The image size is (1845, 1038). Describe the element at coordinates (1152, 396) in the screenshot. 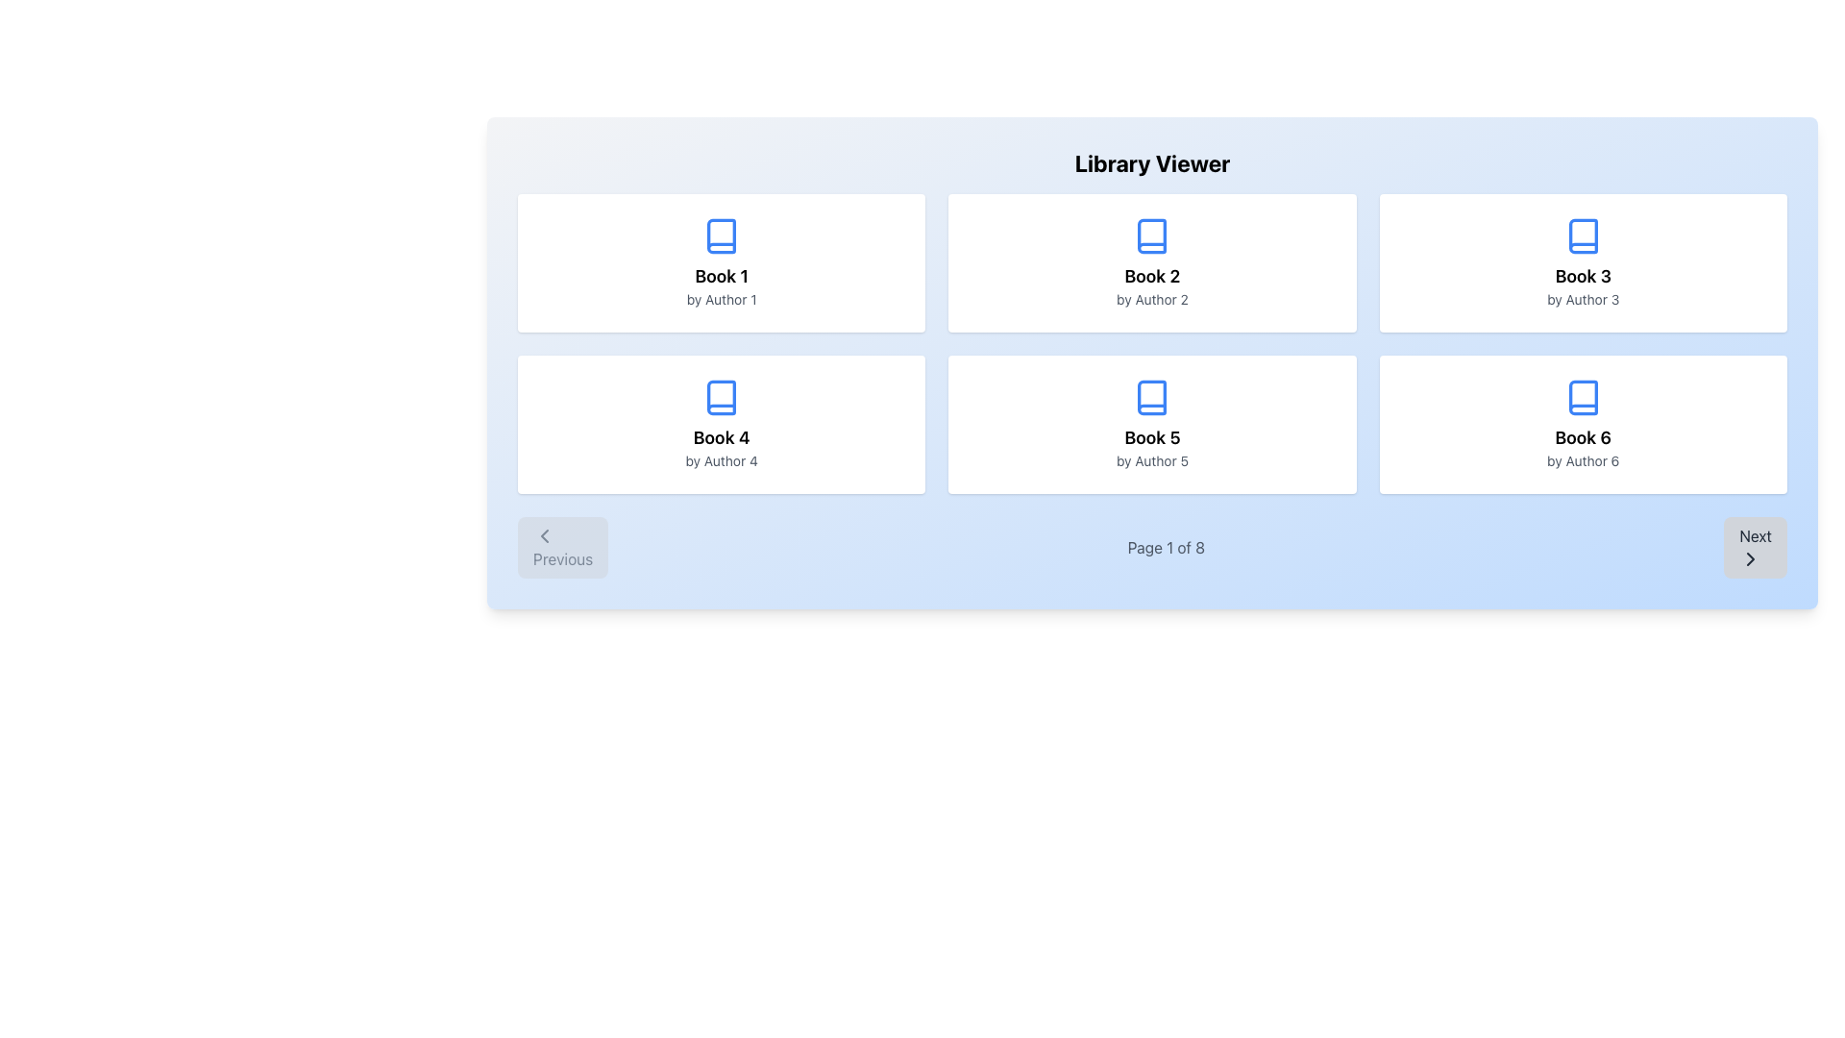

I see `the book icon located at the top of the card labeled 'Book 5 by Author 5', positioned centrally in the second row and last column of the grid layout` at that location.